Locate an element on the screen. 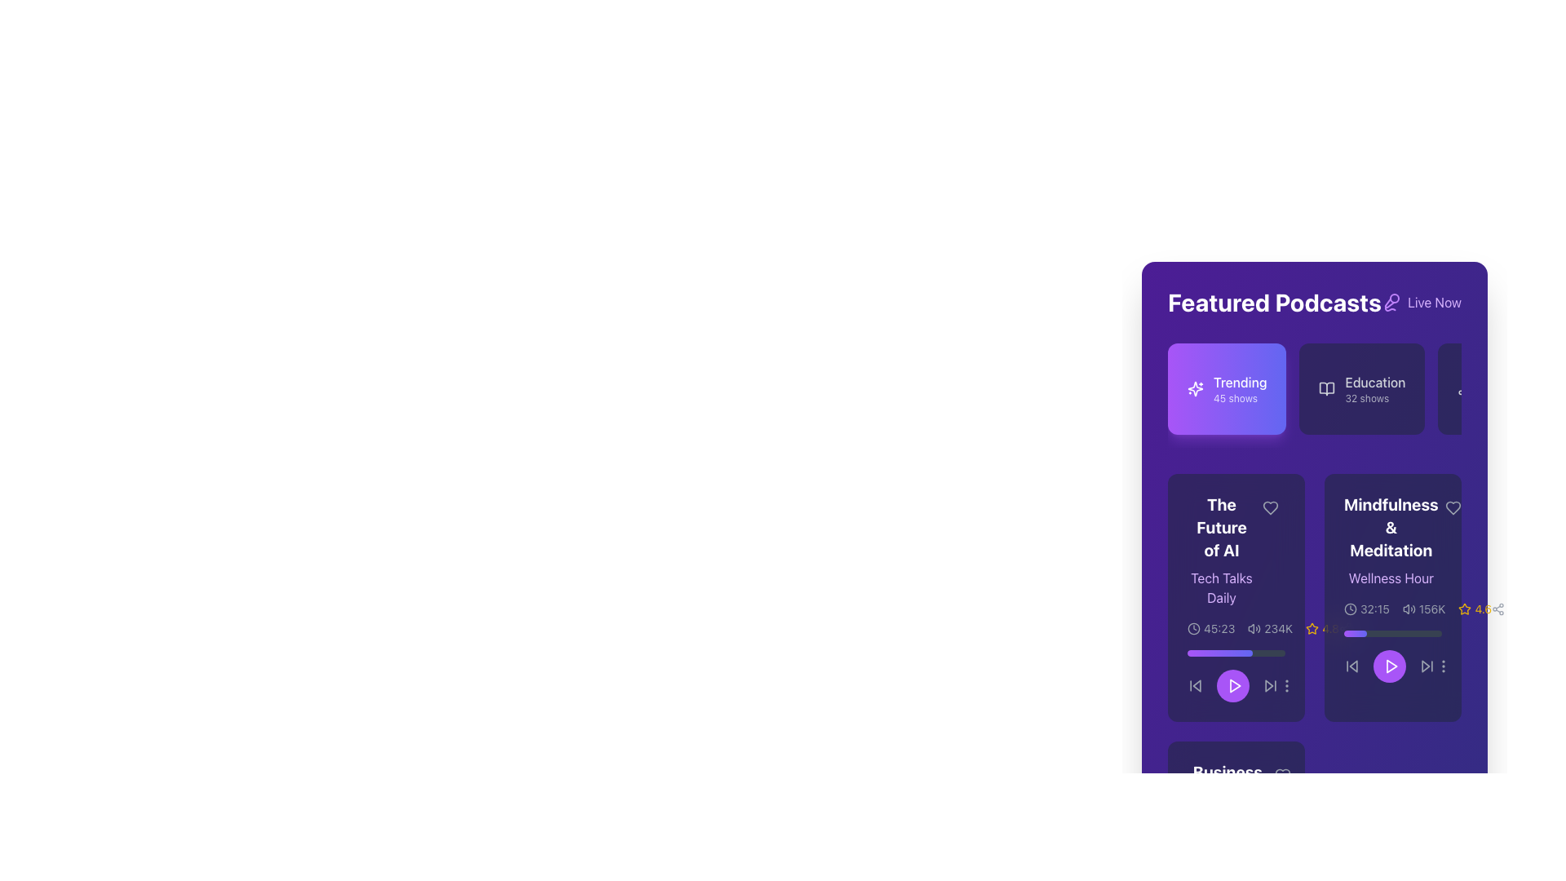  information displayed in the text element located below the 'Trending' text in the 'Trending' card of the 'Featured Podcasts' section is located at coordinates (1236, 399).